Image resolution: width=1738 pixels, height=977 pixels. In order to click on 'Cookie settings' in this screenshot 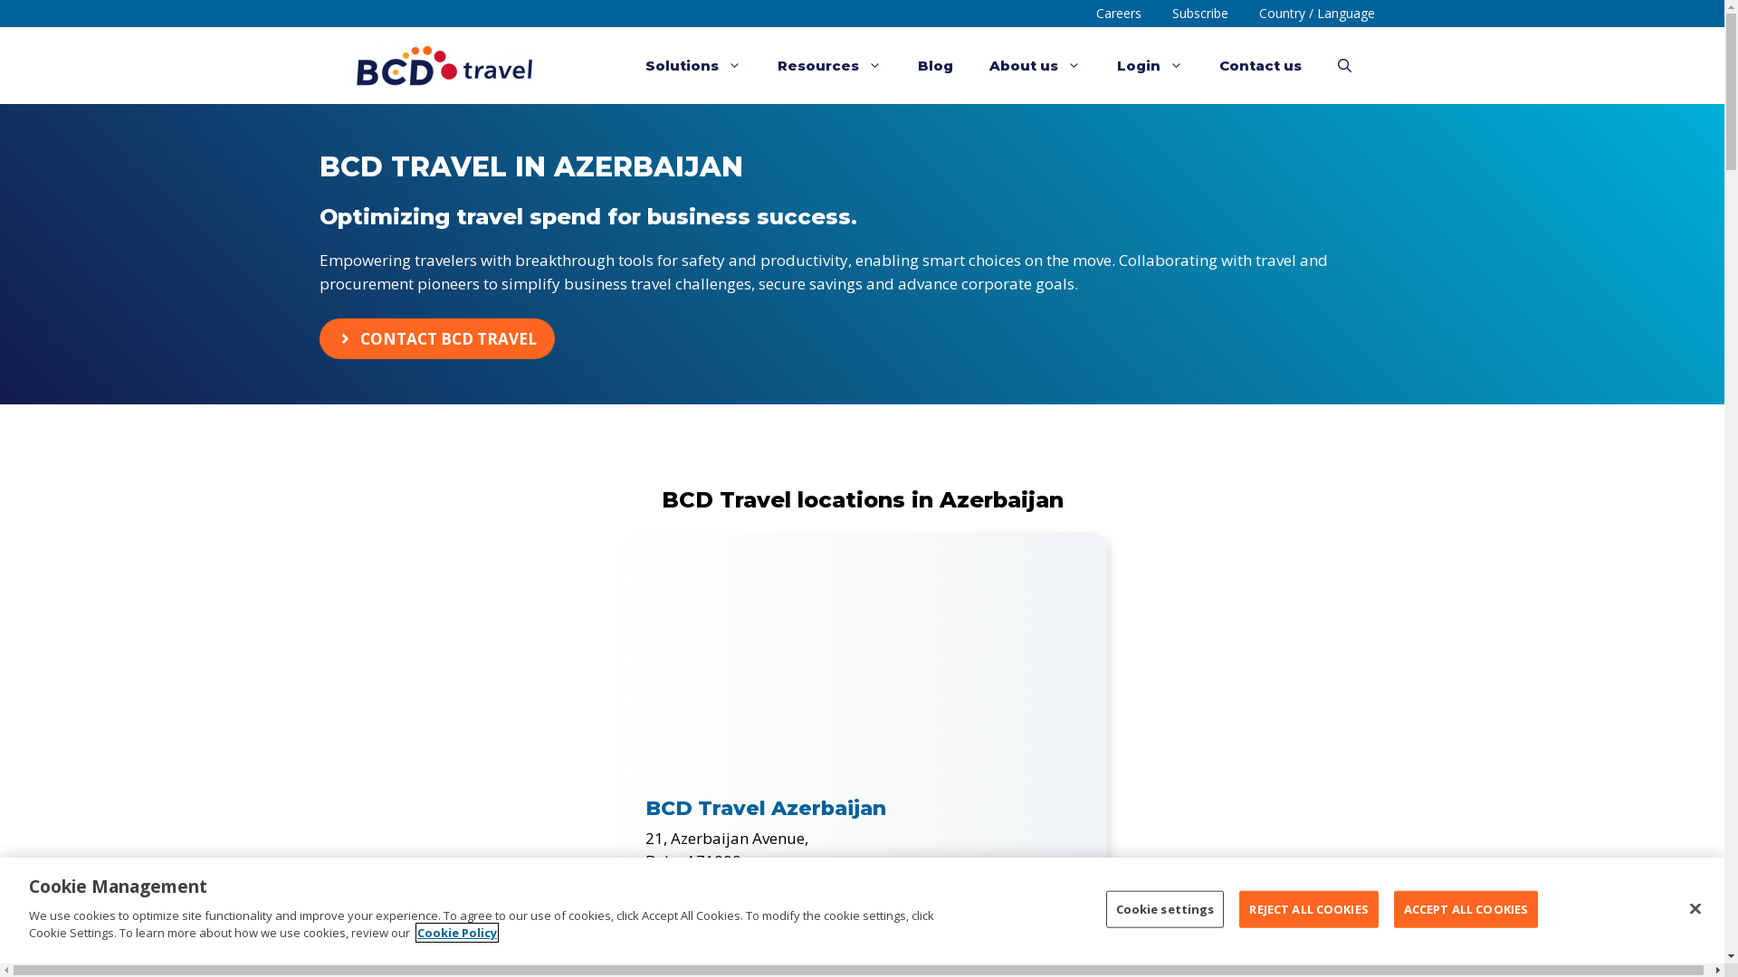, I will do `click(1105, 909)`.